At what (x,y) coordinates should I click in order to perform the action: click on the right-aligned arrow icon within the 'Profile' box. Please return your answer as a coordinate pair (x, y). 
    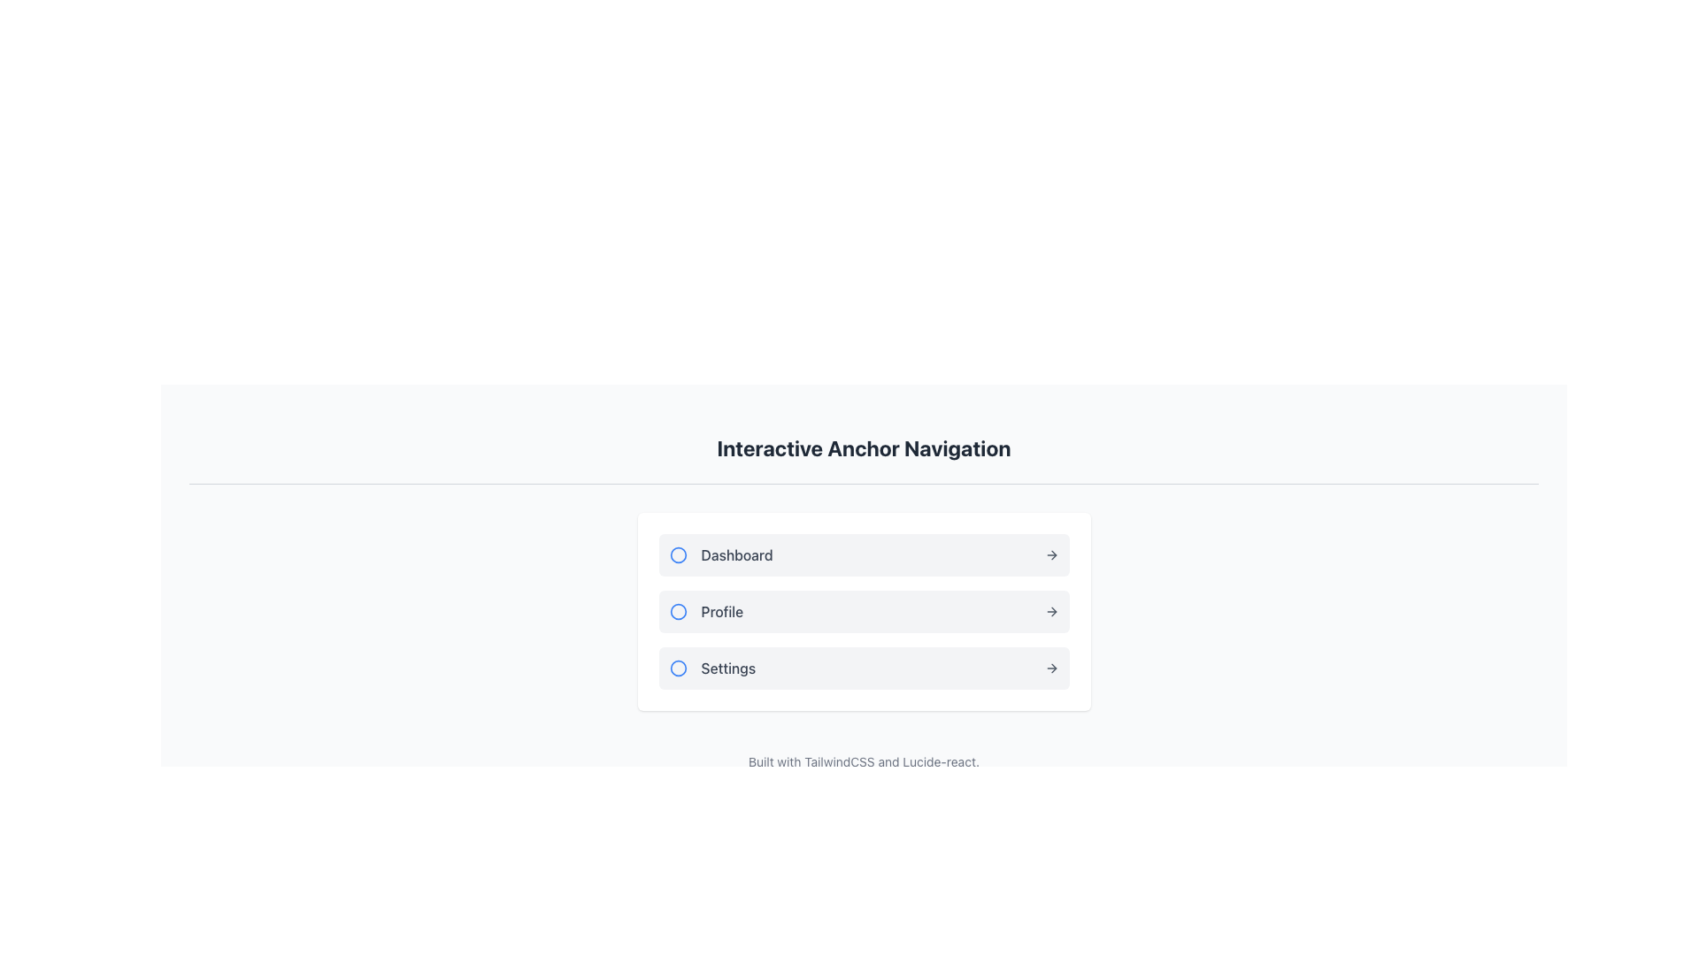
    Looking at the image, I should click on (1051, 610).